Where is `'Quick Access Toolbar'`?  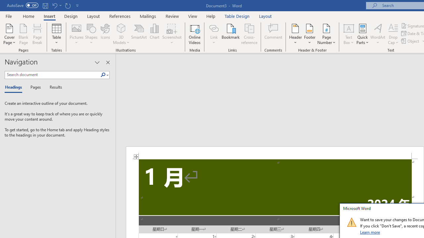
'Quick Access Toolbar' is located at coordinates (43, 5).